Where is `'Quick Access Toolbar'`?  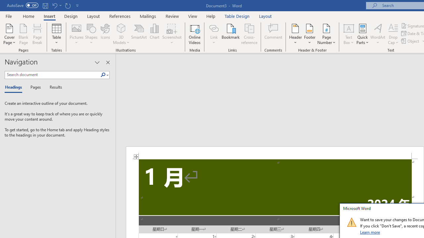
'Quick Access Toolbar' is located at coordinates (43, 5).